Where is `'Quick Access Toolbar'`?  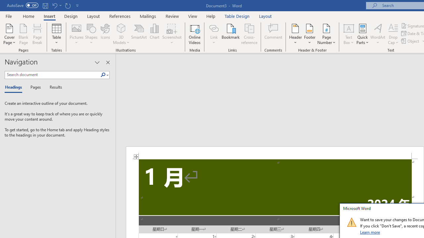
'Quick Access Toolbar' is located at coordinates (43, 5).